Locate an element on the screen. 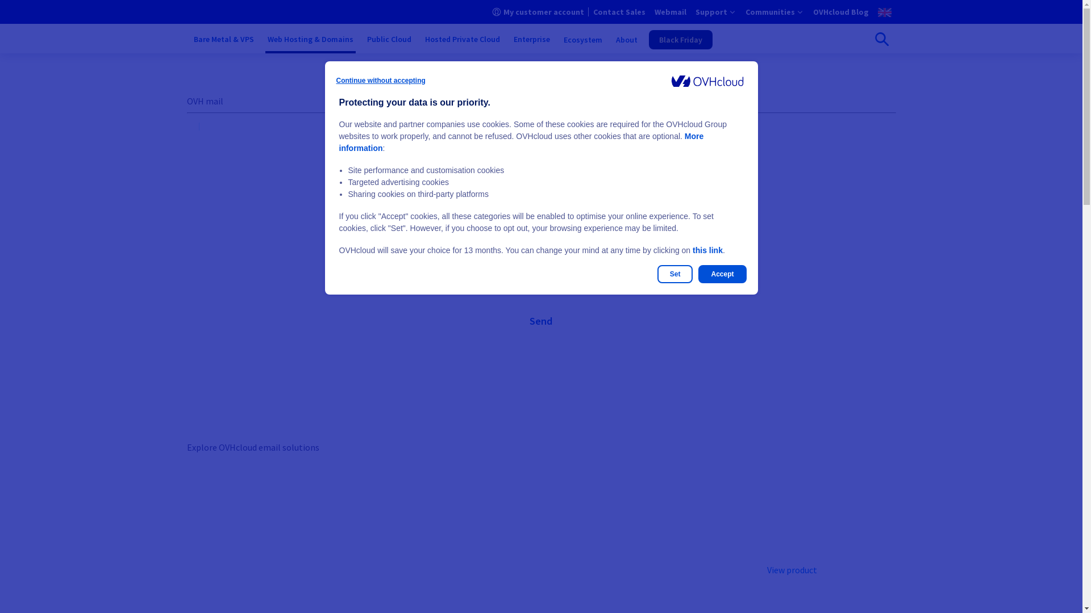 The width and height of the screenshot is (1091, 613). 'Contact Sales' is located at coordinates (618, 11).